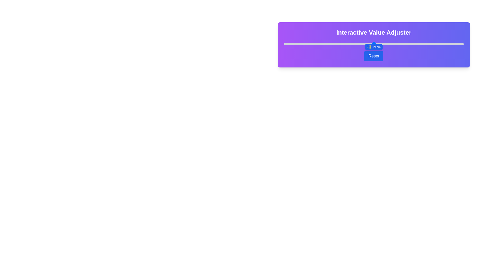 The height and width of the screenshot is (277, 493). What do you see at coordinates (406, 44) in the screenshot?
I see `the slider value` at bounding box center [406, 44].